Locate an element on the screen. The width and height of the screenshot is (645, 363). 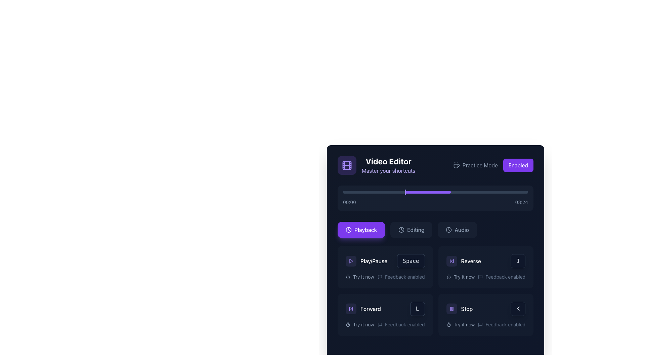
the rounded rectangular button with a violet background and 'skip back' icon in the 'Reverse' section of the interface is located at coordinates (451, 260).